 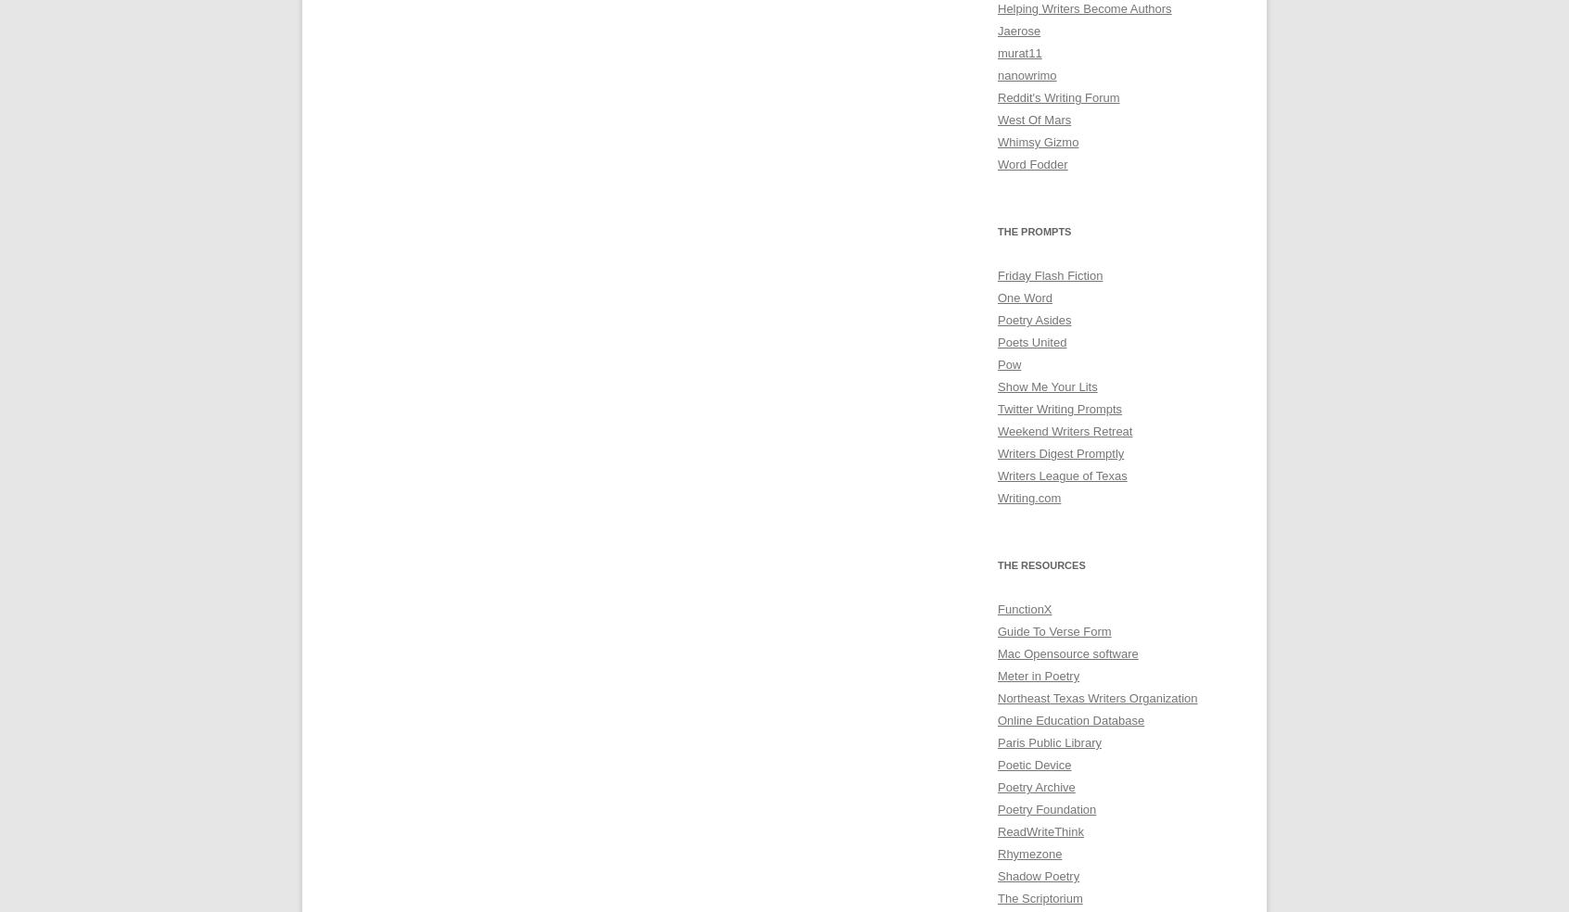 What do you see at coordinates (1027, 74) in the screenshot?
I see `'nanowrimo'` at bounding box center [1027, 74].